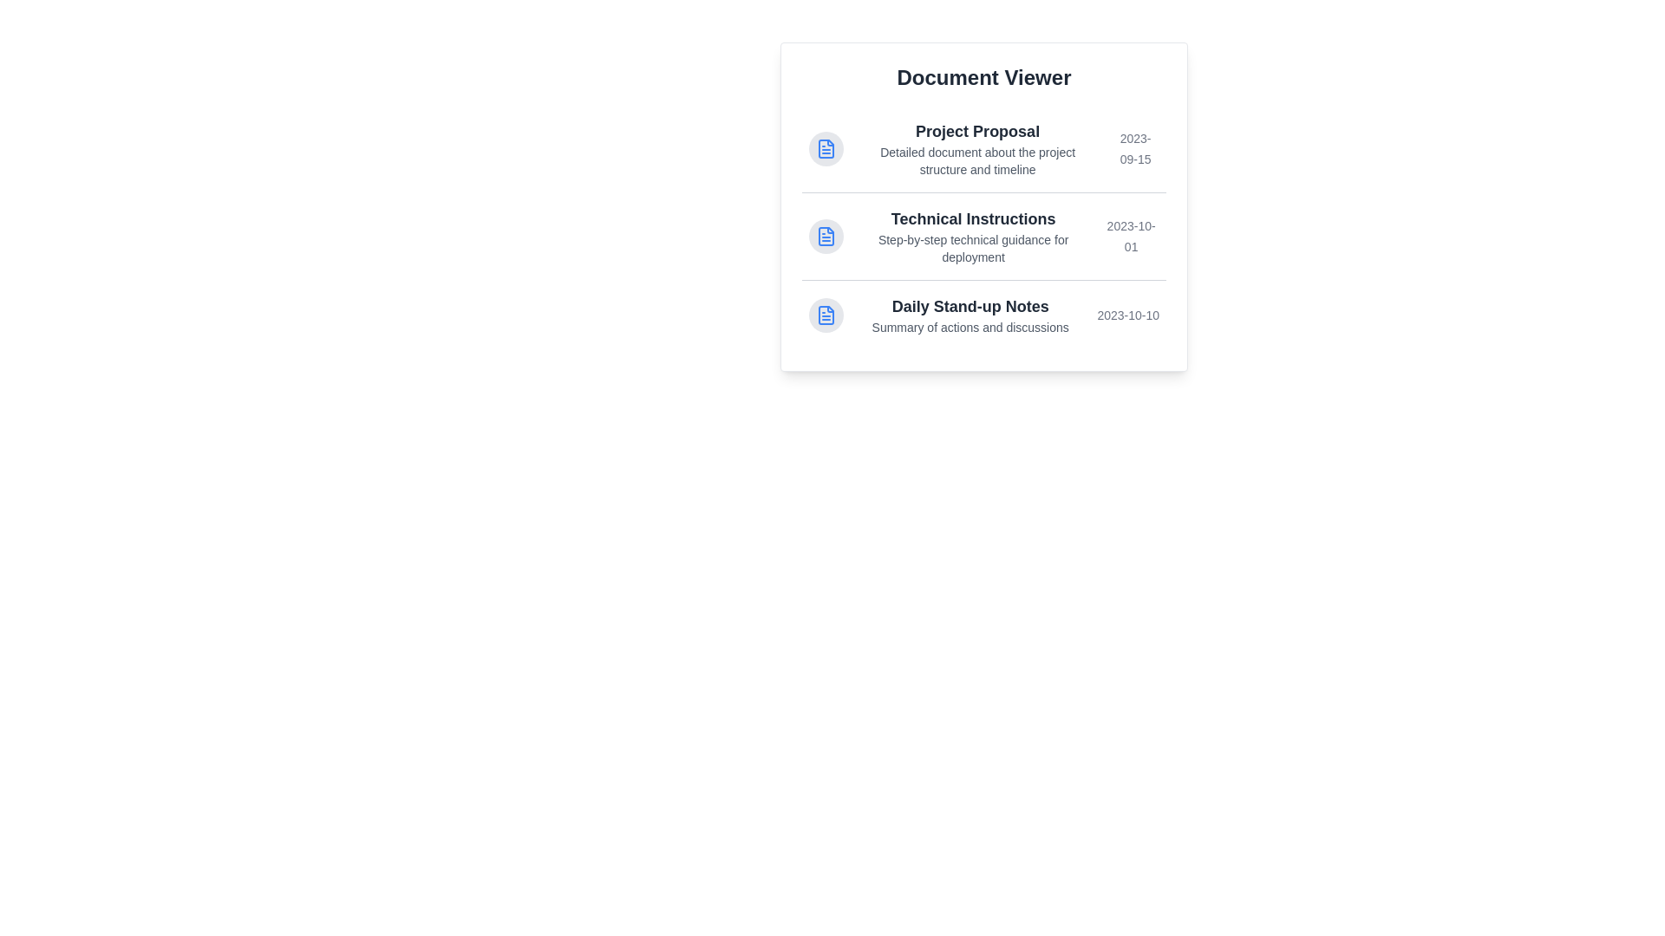  I want to click on the document titled Project Proposal to highlight it, so click(983, 148).